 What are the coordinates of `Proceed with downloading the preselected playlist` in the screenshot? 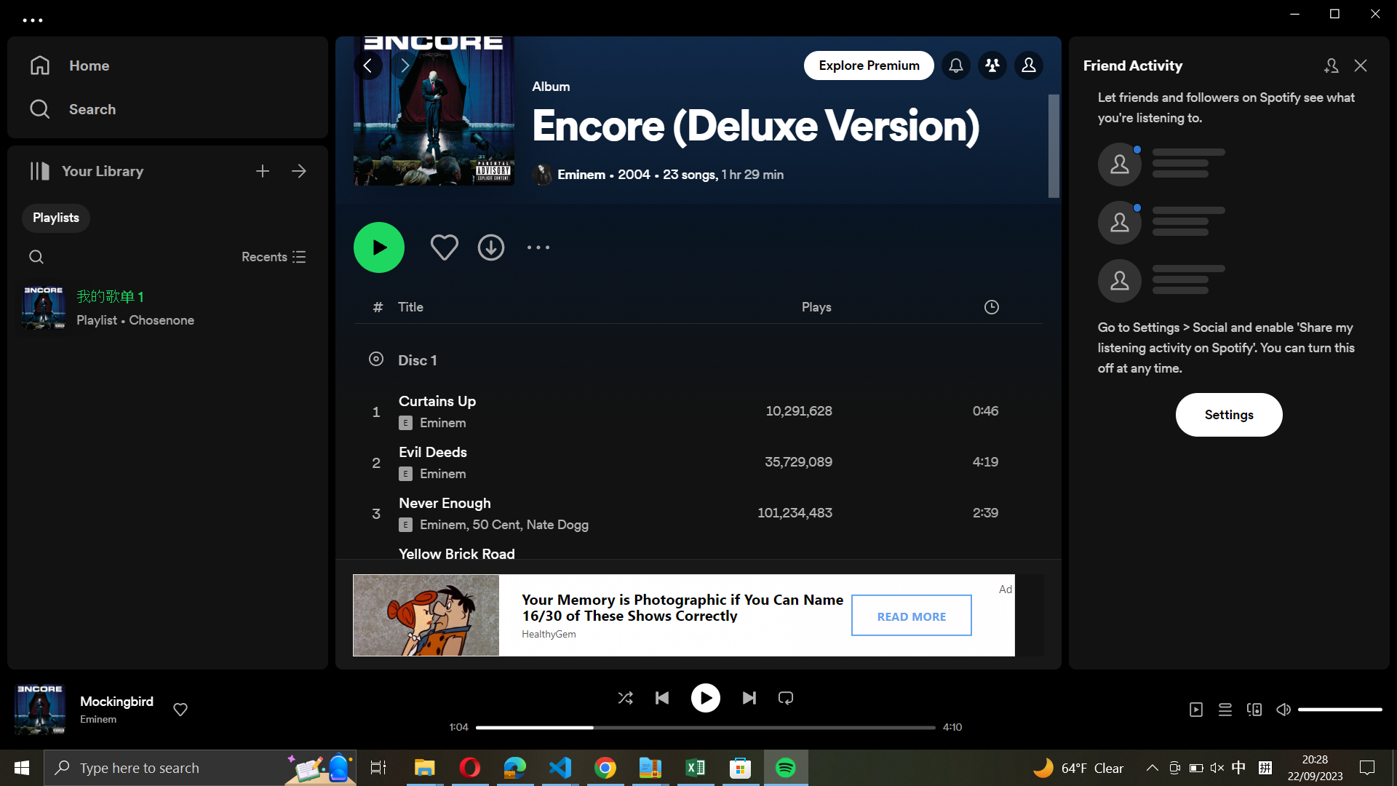 It's located at (492, 245).